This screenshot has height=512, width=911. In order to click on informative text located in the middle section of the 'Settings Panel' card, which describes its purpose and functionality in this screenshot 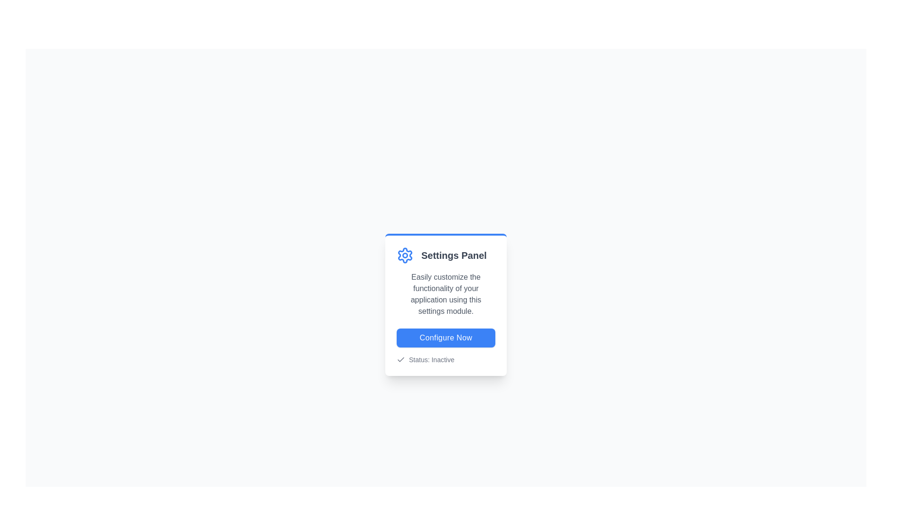, I will do `click(446, 294)`.